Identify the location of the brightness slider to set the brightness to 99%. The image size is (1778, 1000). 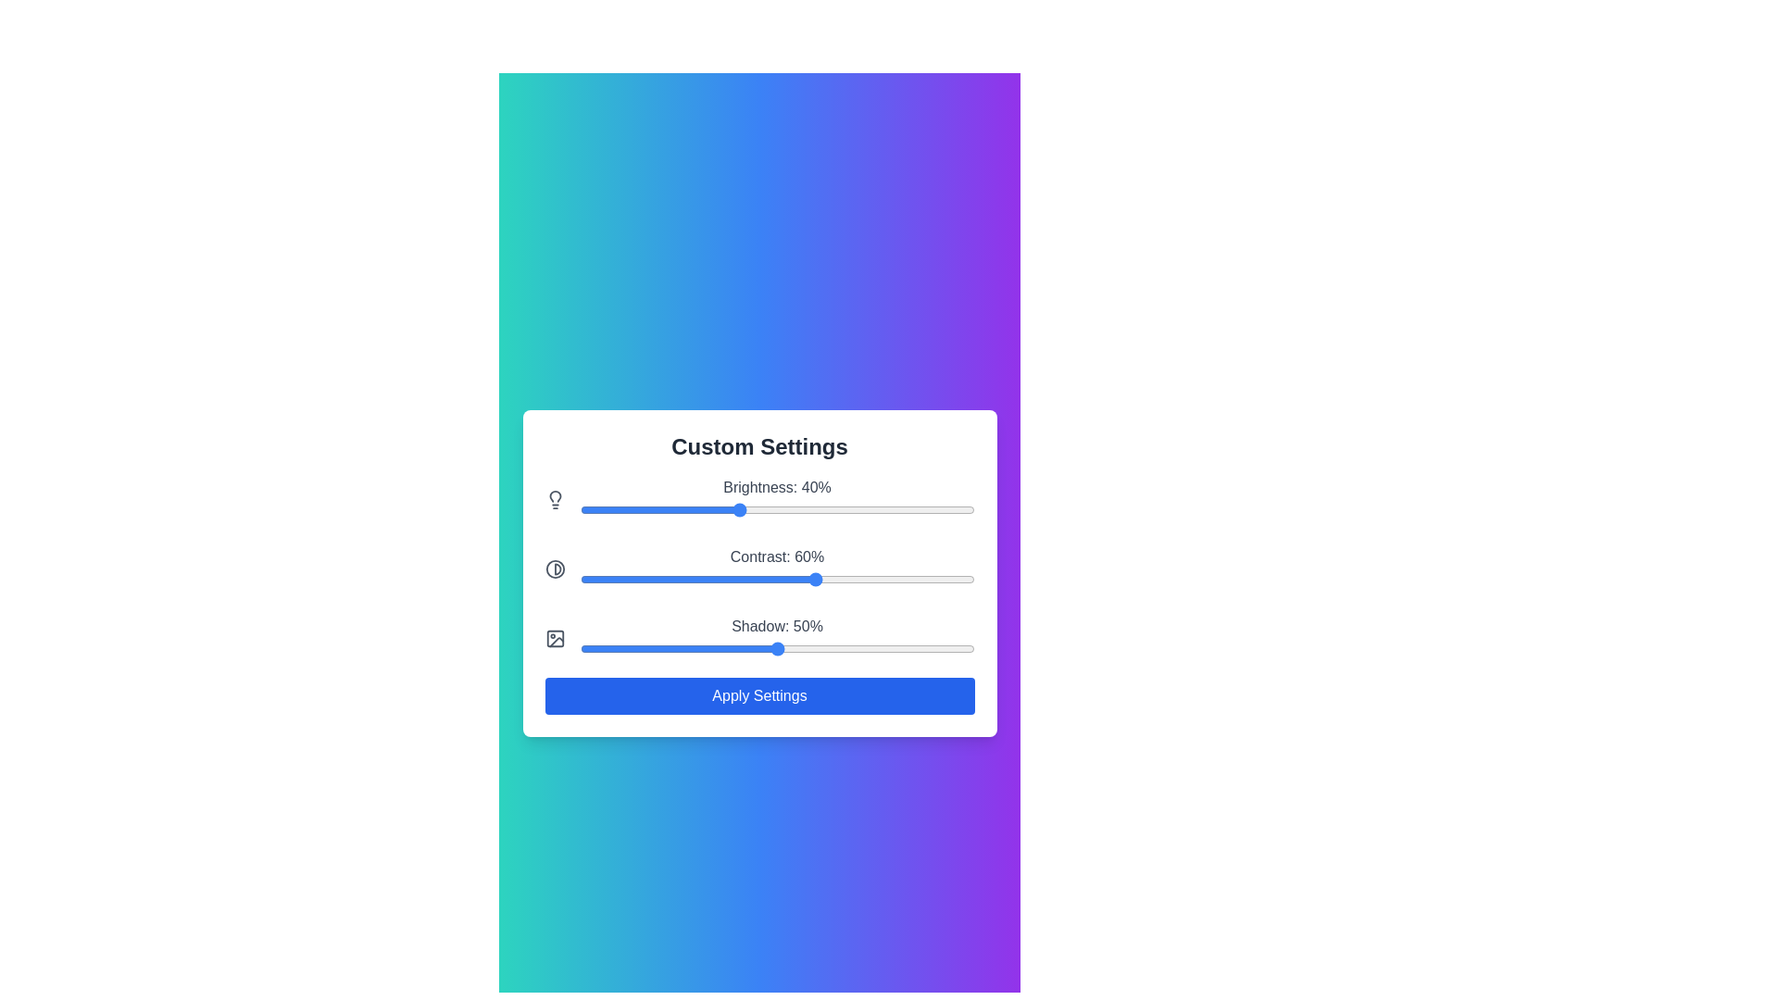
(970, 509).